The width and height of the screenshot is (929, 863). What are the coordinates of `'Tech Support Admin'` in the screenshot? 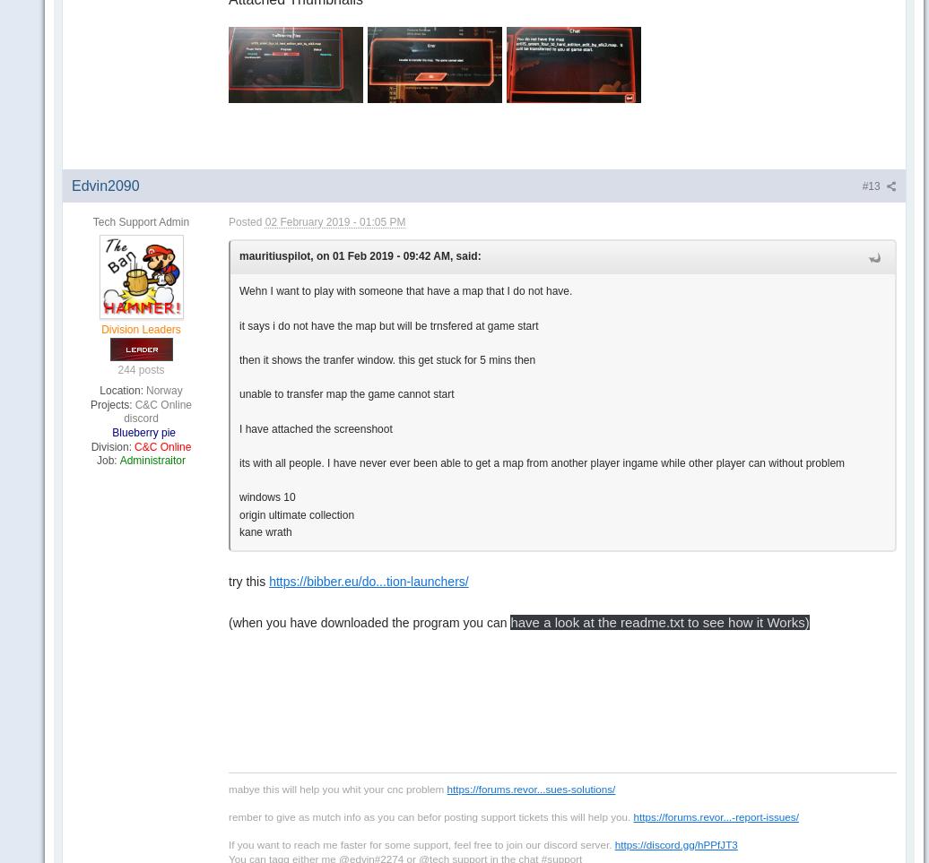 It's located at (140, 221).